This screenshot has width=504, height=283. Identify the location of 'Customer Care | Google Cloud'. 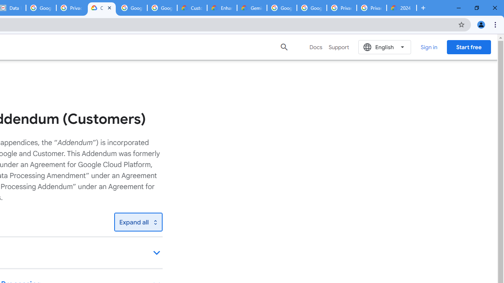
(192, 8).